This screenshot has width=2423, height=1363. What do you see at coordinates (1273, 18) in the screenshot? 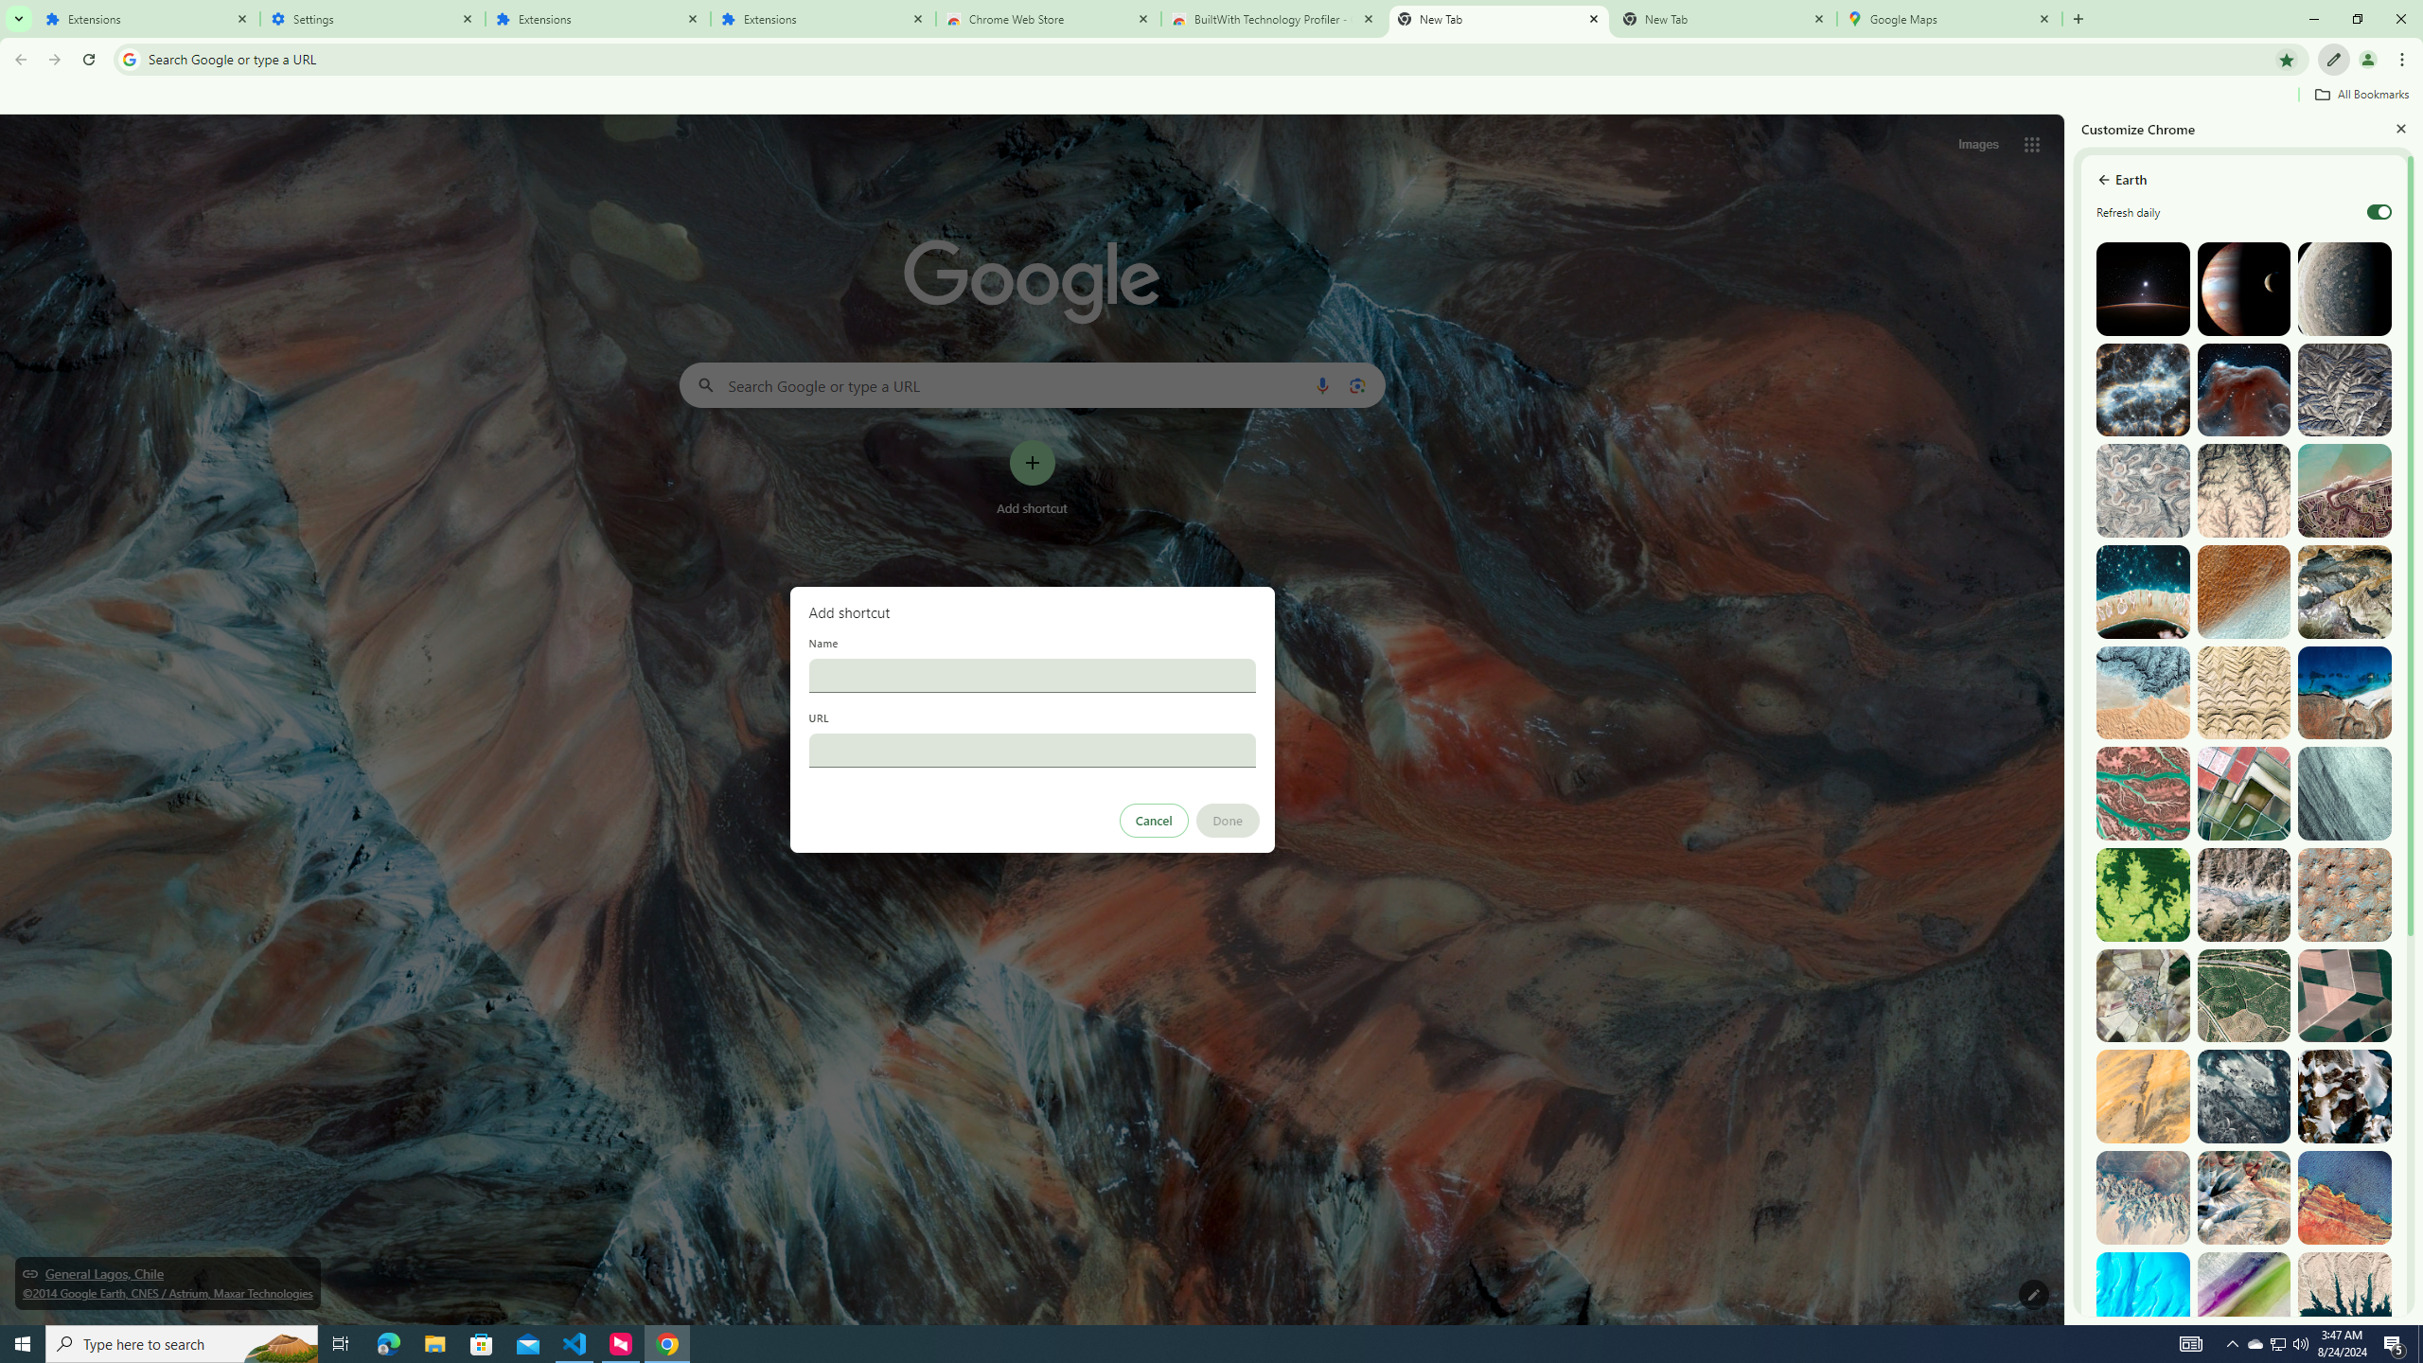
I see `'BuiltWith Technology Profiler - Chrome Web Store'` at bounding box center [1273, 18].